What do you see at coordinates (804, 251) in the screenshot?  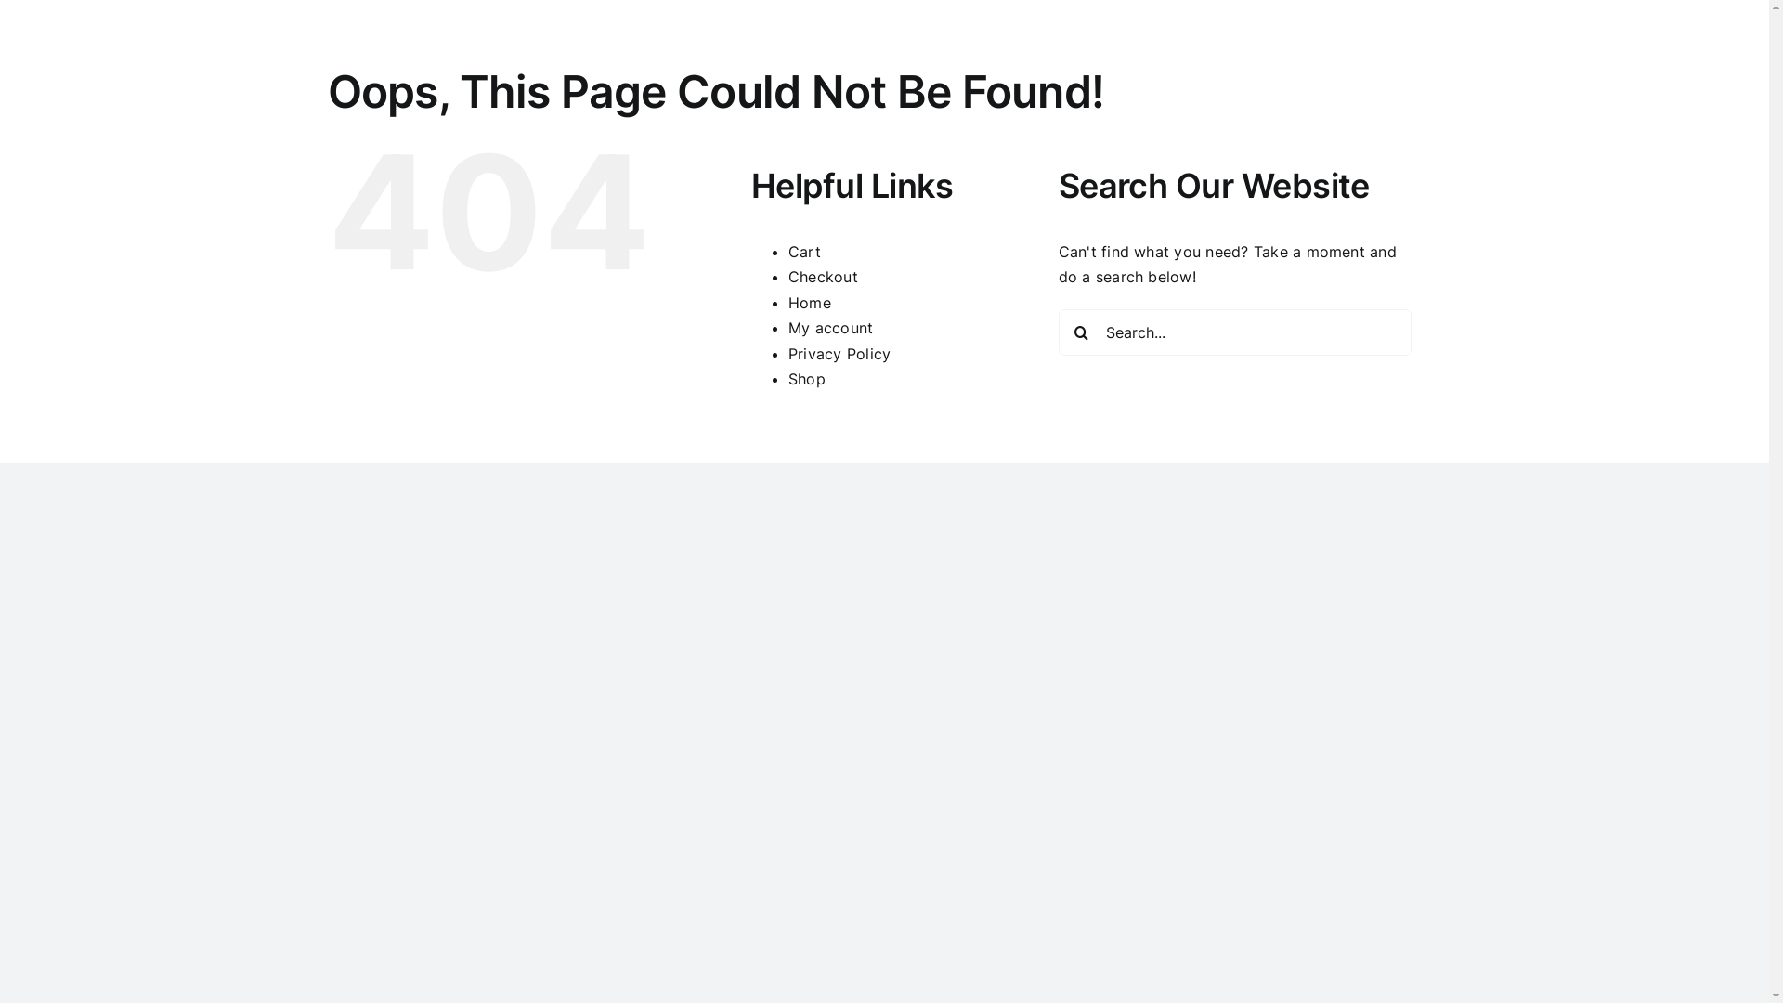 I see `'Cart'` at bounding box center [804, 251].